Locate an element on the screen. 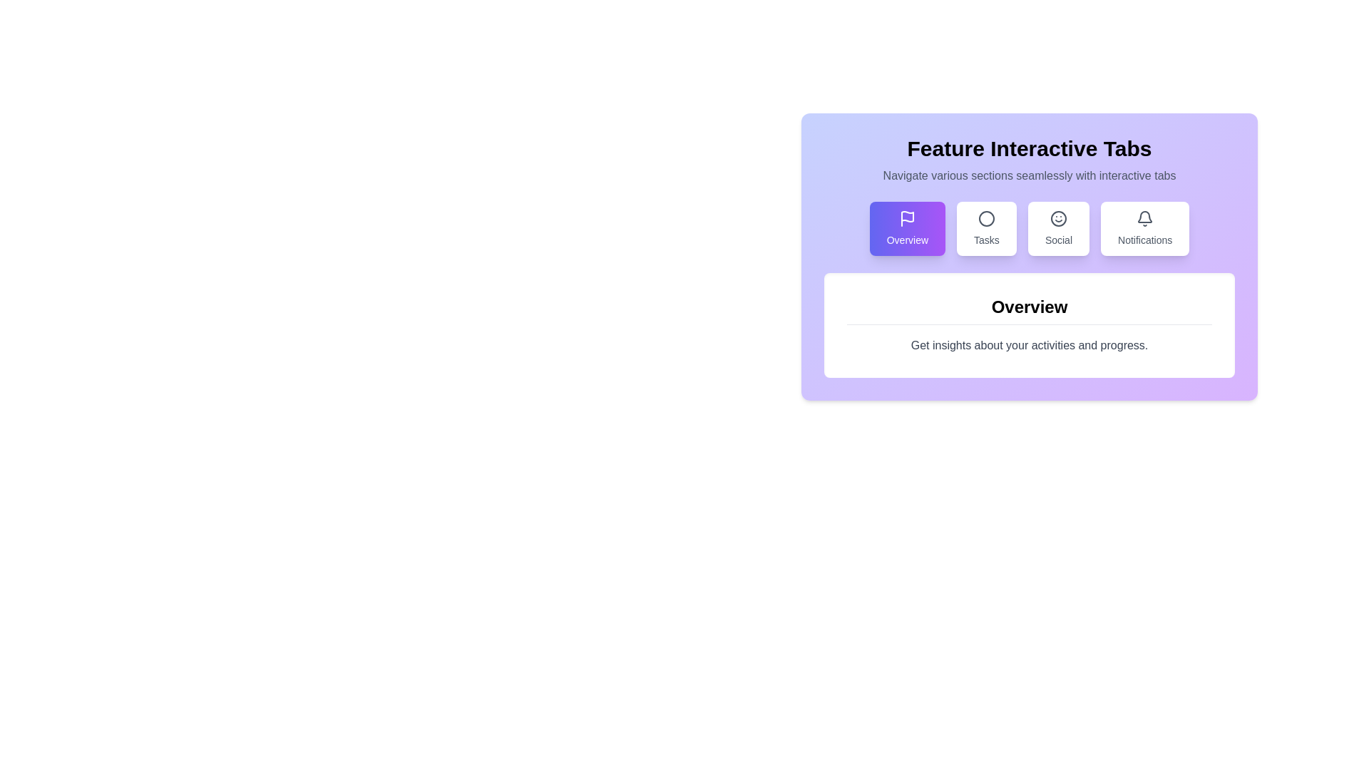 Image resolution: width=1369 pixels, height=770 pixels. text of the 'Tasks' label located in the second position of the tab navigation system, which describes the functionality of the associated 'Tasks' button is located at coordinates (985, 239).